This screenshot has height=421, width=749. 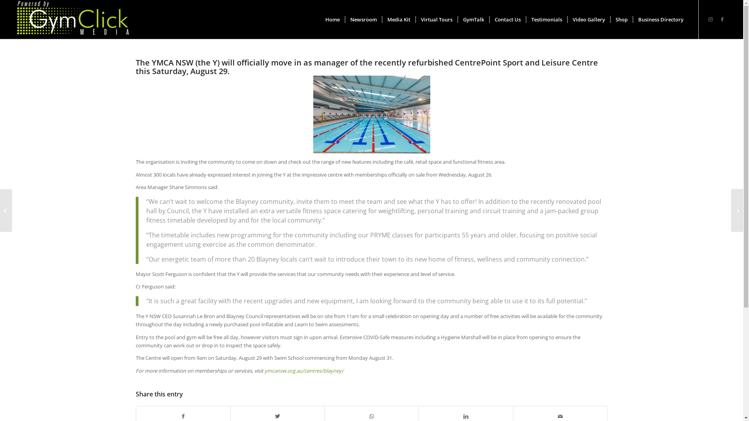 What do you see at coordinates (436, 19) in the screenshot?
I see `'Virtual Tours'` at bounding box center [436, 19].